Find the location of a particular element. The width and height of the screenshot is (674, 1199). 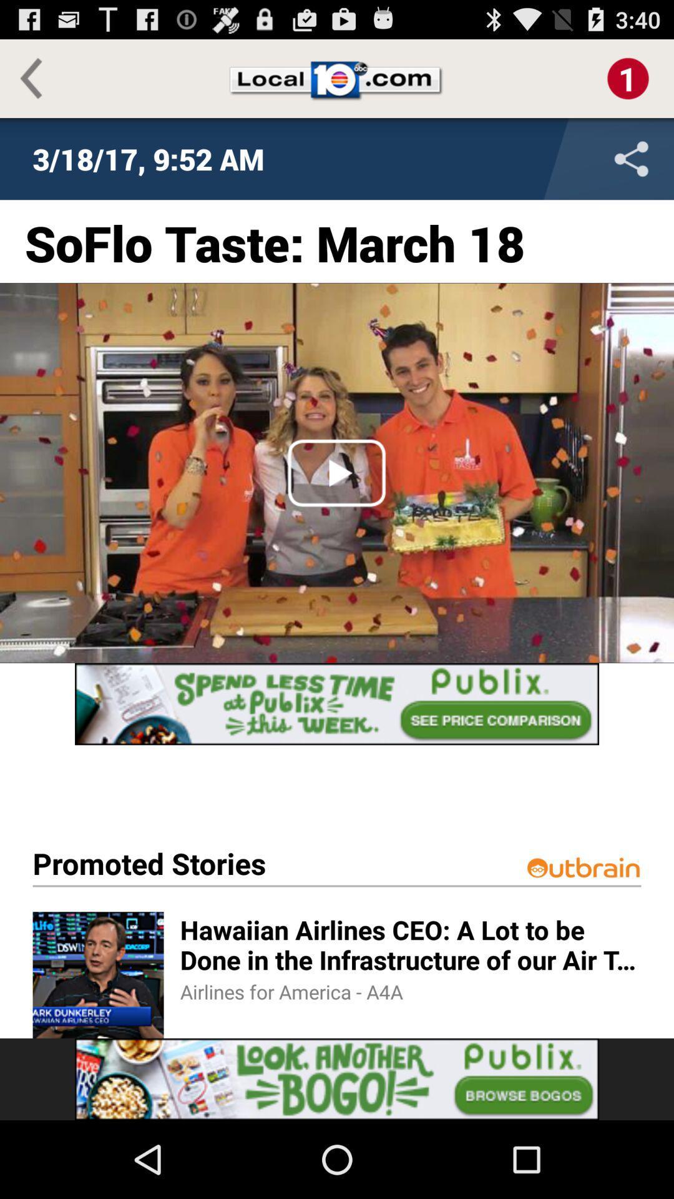

share the file is located at coordinates (549, 158).